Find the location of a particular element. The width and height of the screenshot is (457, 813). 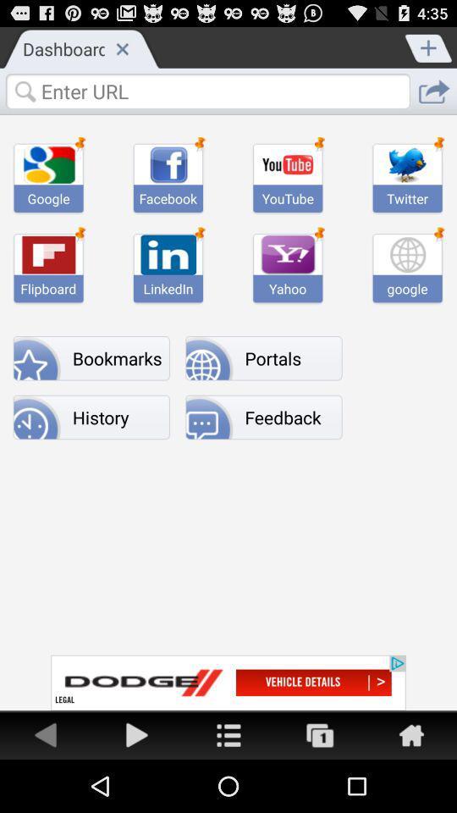

go back is located at coordinates (46, 733).